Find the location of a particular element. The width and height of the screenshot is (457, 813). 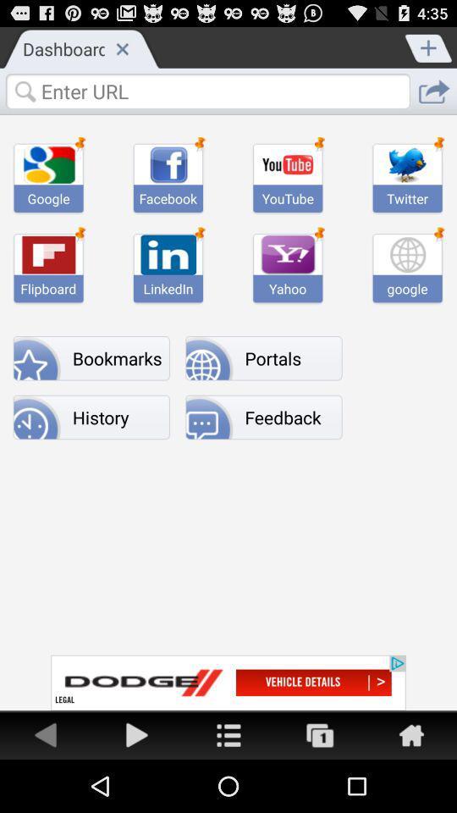

go back is located at coordinates (46, 733).